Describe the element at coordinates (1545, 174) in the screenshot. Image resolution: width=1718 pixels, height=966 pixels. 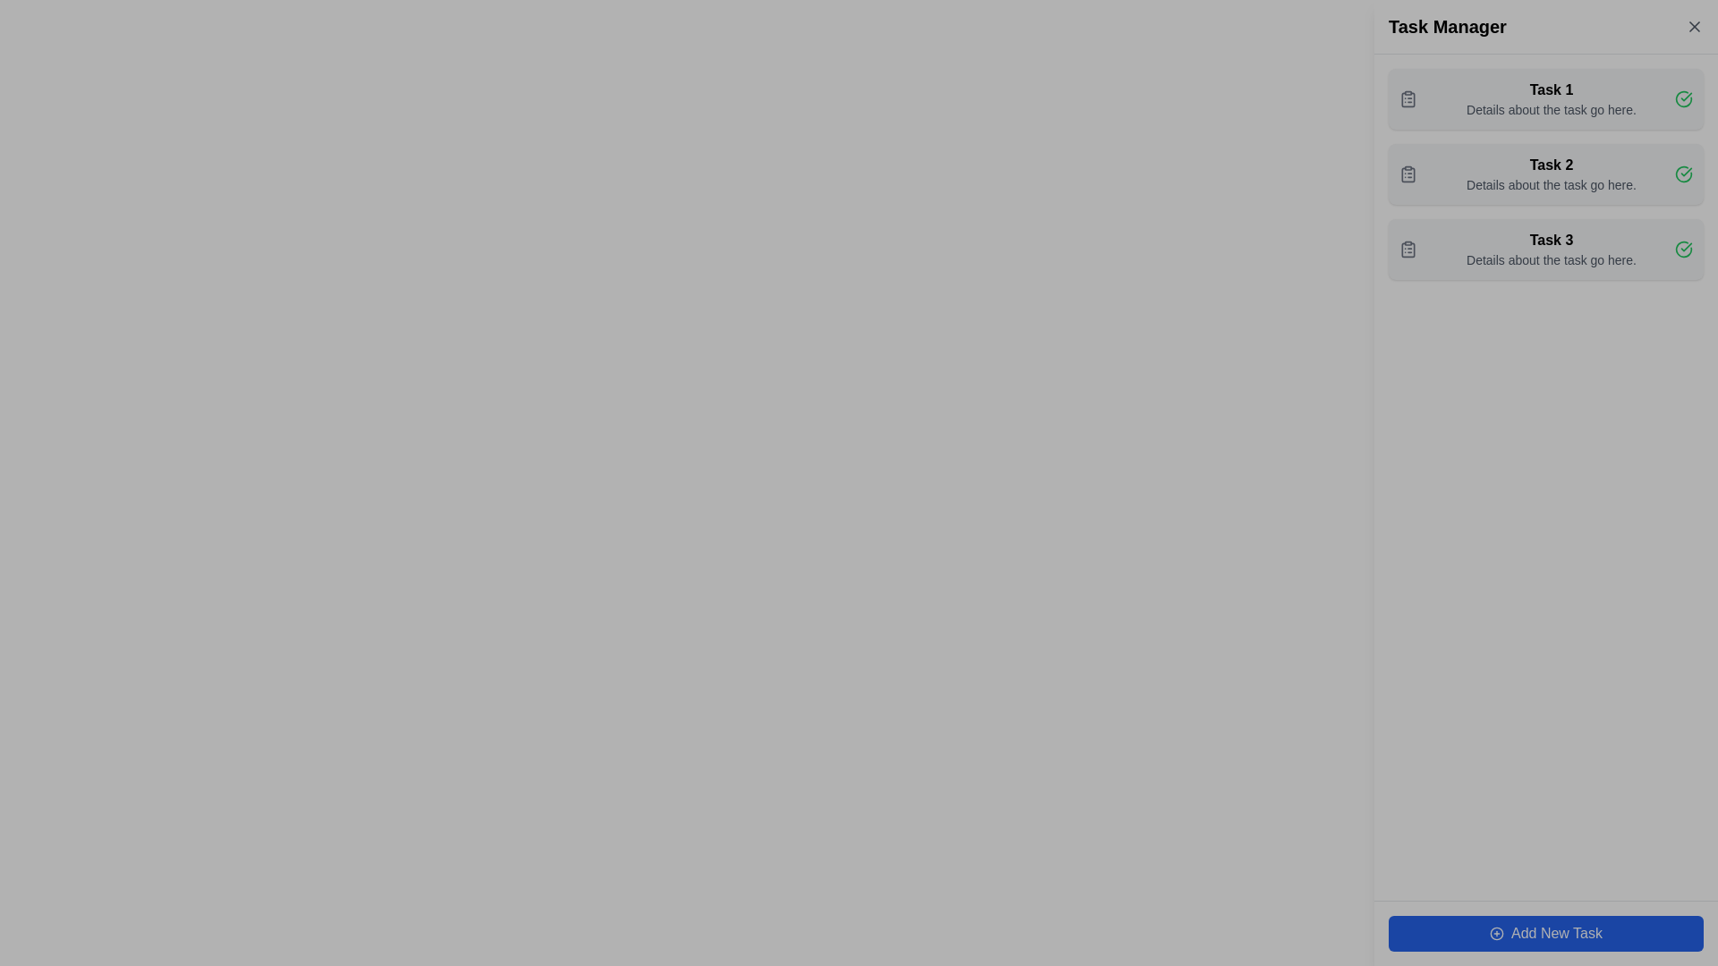
I see `the second Task Card in the task manager application` at that location.